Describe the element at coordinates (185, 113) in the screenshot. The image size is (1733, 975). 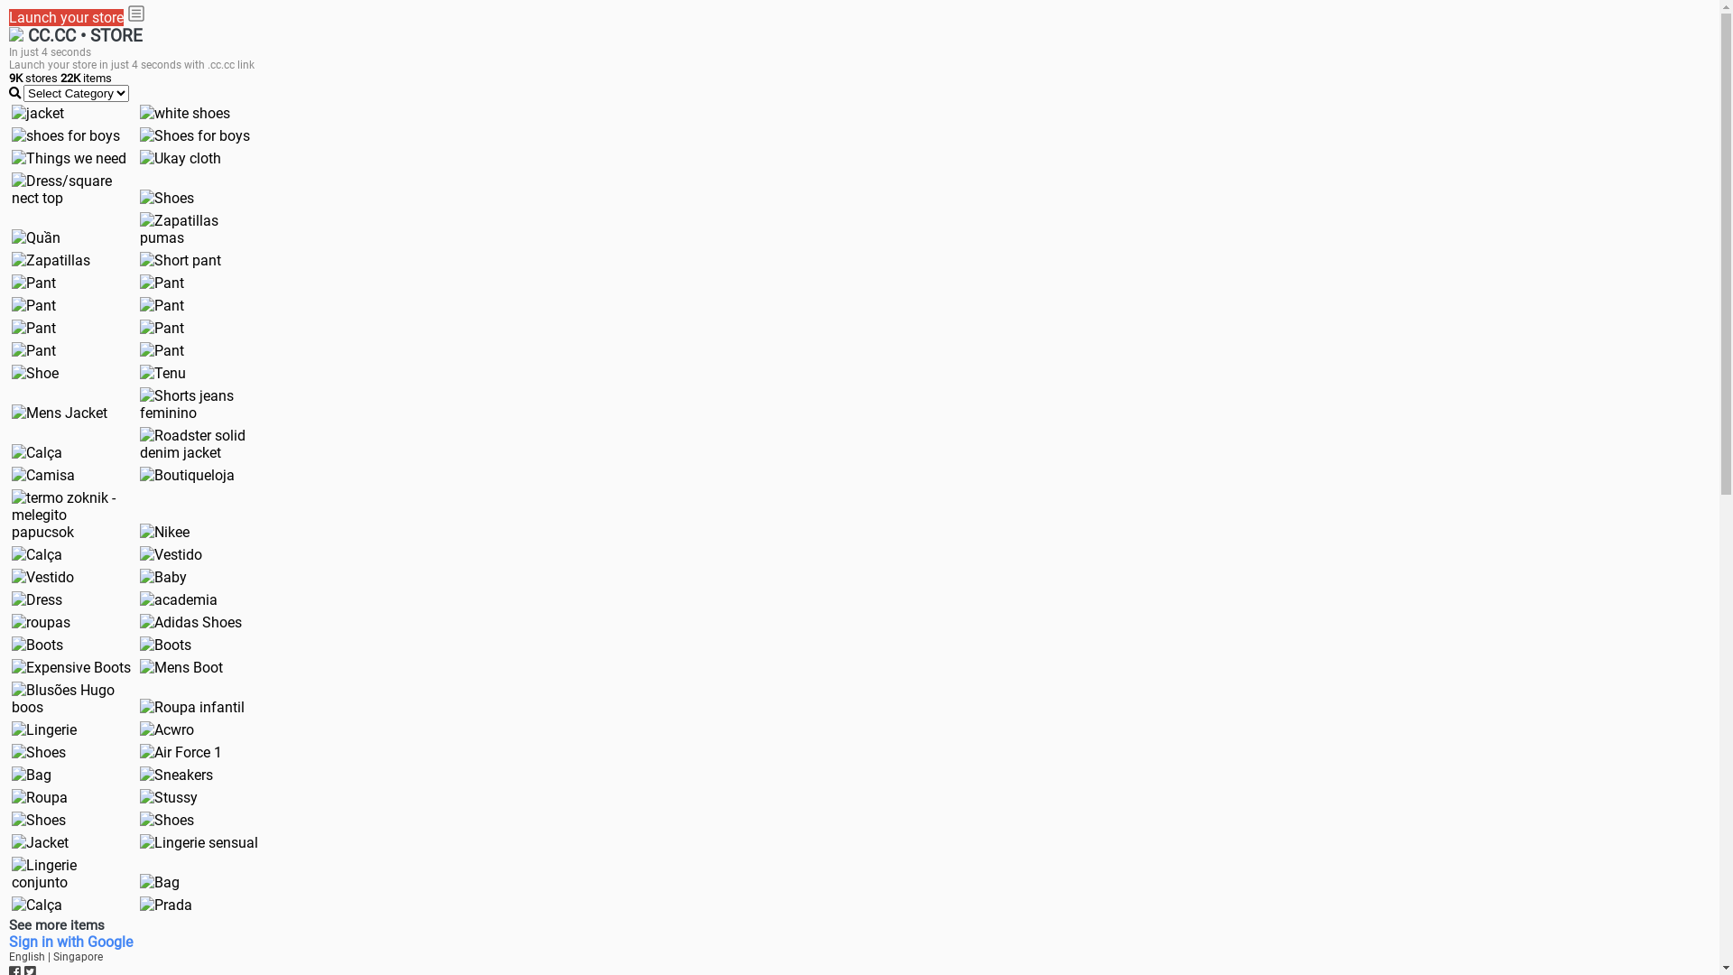
I see `'white shoes'` at that location.